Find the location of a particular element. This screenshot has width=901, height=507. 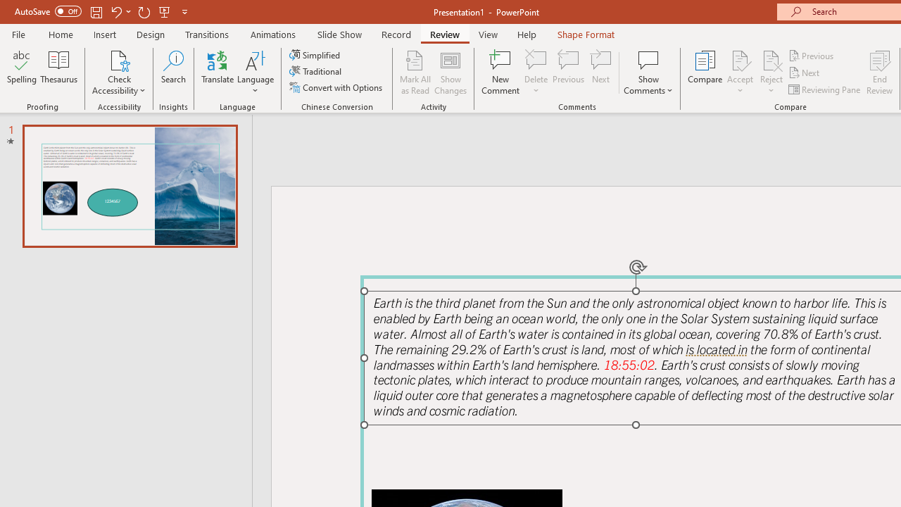

'Check Accessibility' is located at coordinates (119, 73).